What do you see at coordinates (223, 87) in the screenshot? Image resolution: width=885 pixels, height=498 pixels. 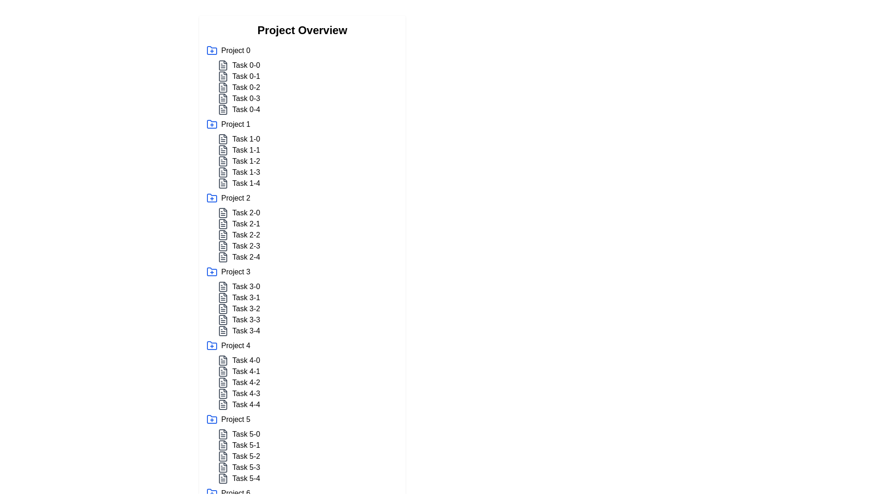 I see `the document icon located within the 'Task 0-2' entry under 'Project 0', which is the first icon to the left of the textual label 'Task 0-2'` at bounding box center [223, 87].